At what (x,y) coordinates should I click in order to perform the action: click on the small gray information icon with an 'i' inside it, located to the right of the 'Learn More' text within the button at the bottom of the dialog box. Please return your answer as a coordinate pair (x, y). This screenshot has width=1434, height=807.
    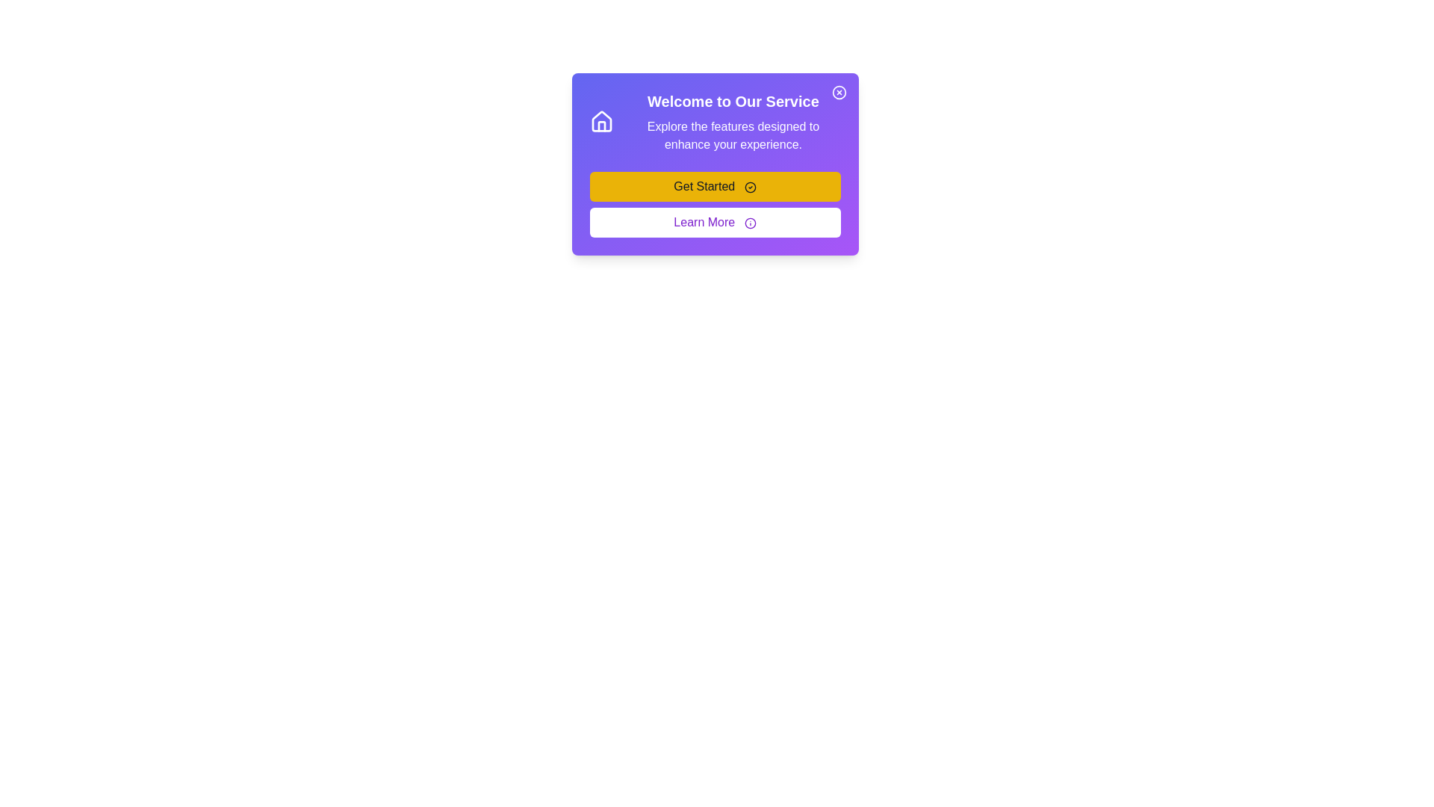
    Looking at the image, I should click on (750, 223).